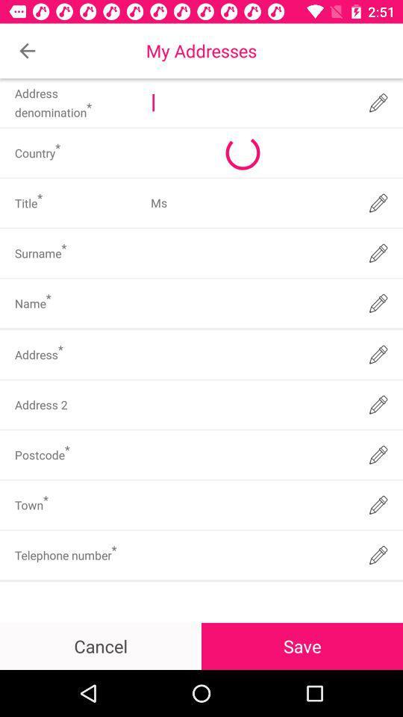  Describe the element at coordinates (250, 554) in the screenshot. I see `input information` at that location.